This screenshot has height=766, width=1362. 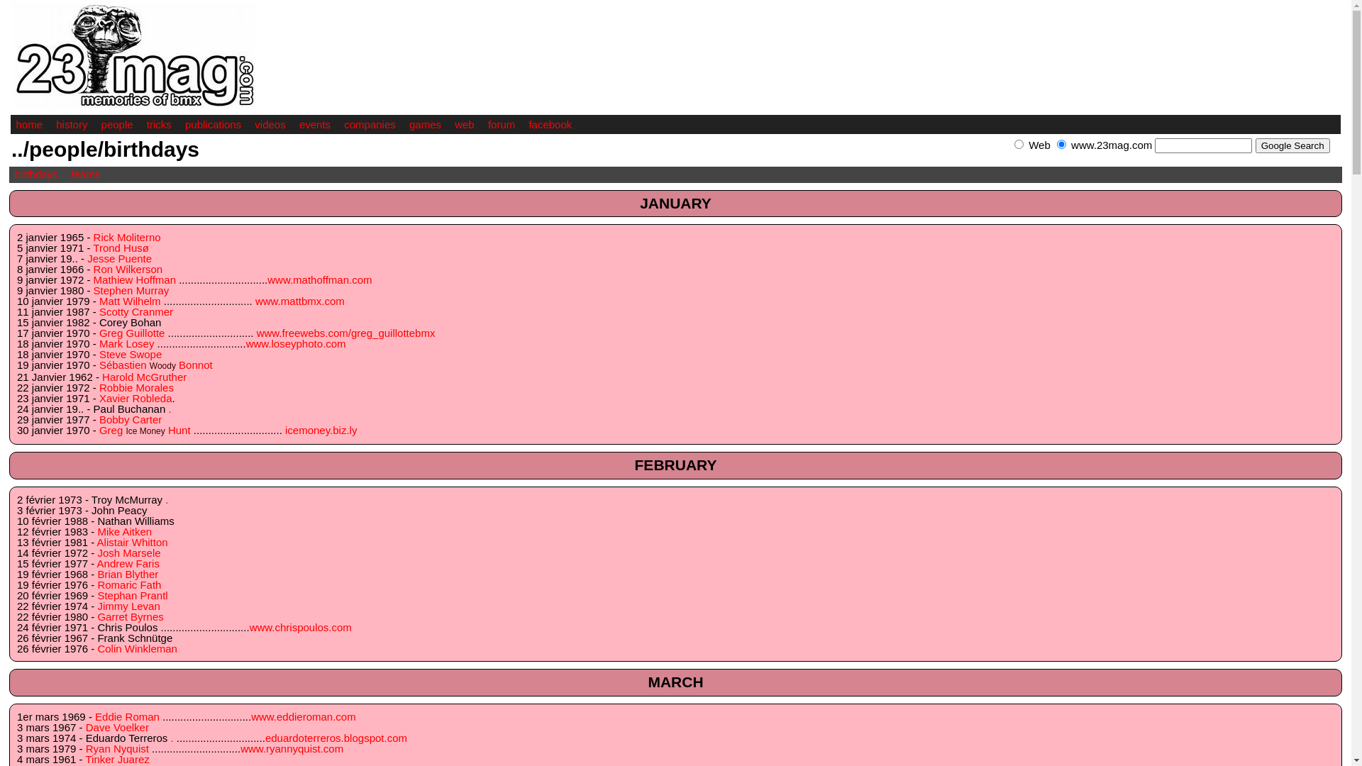 I want to click on 'videos', so click(x=270, y=123).